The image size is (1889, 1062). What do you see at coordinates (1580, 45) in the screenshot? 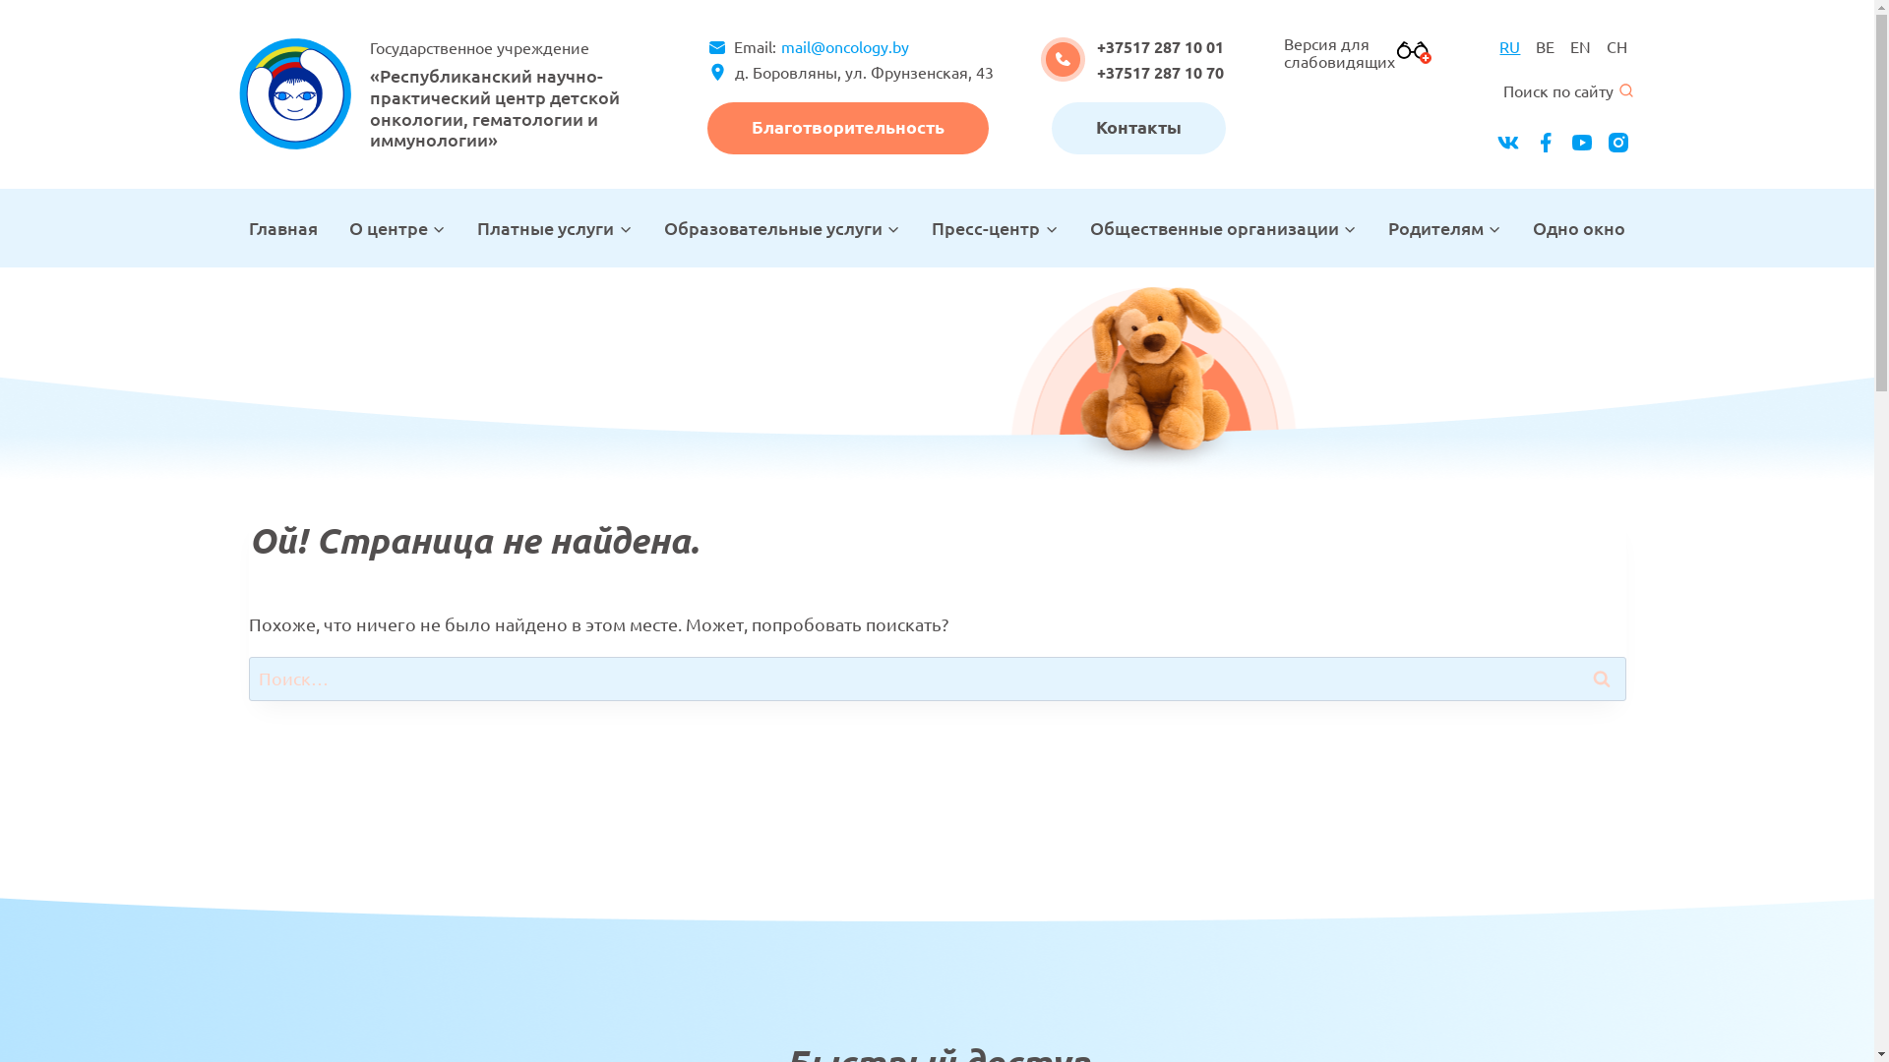
I see `'EN'` at bounding box center [1580, 45].